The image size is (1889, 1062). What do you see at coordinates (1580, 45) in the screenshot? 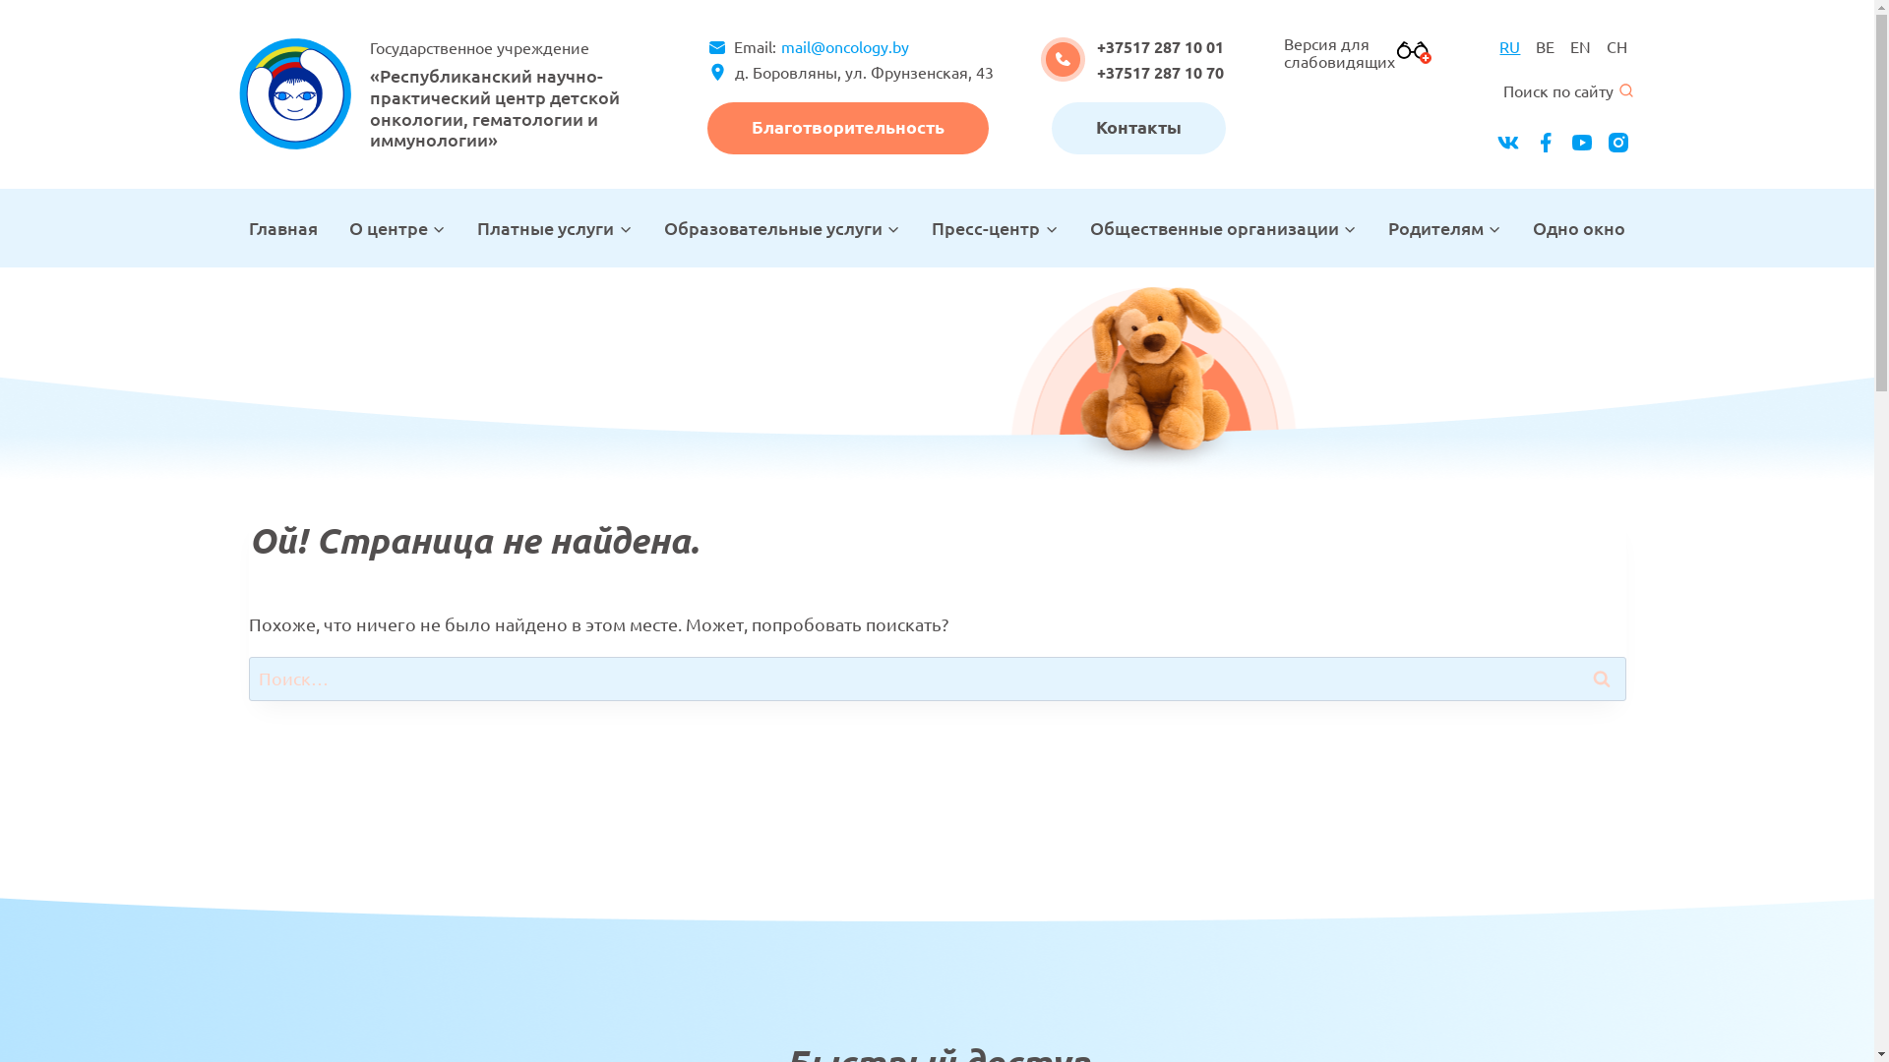
I see `'EN'` at bounding box center [1580, 45].